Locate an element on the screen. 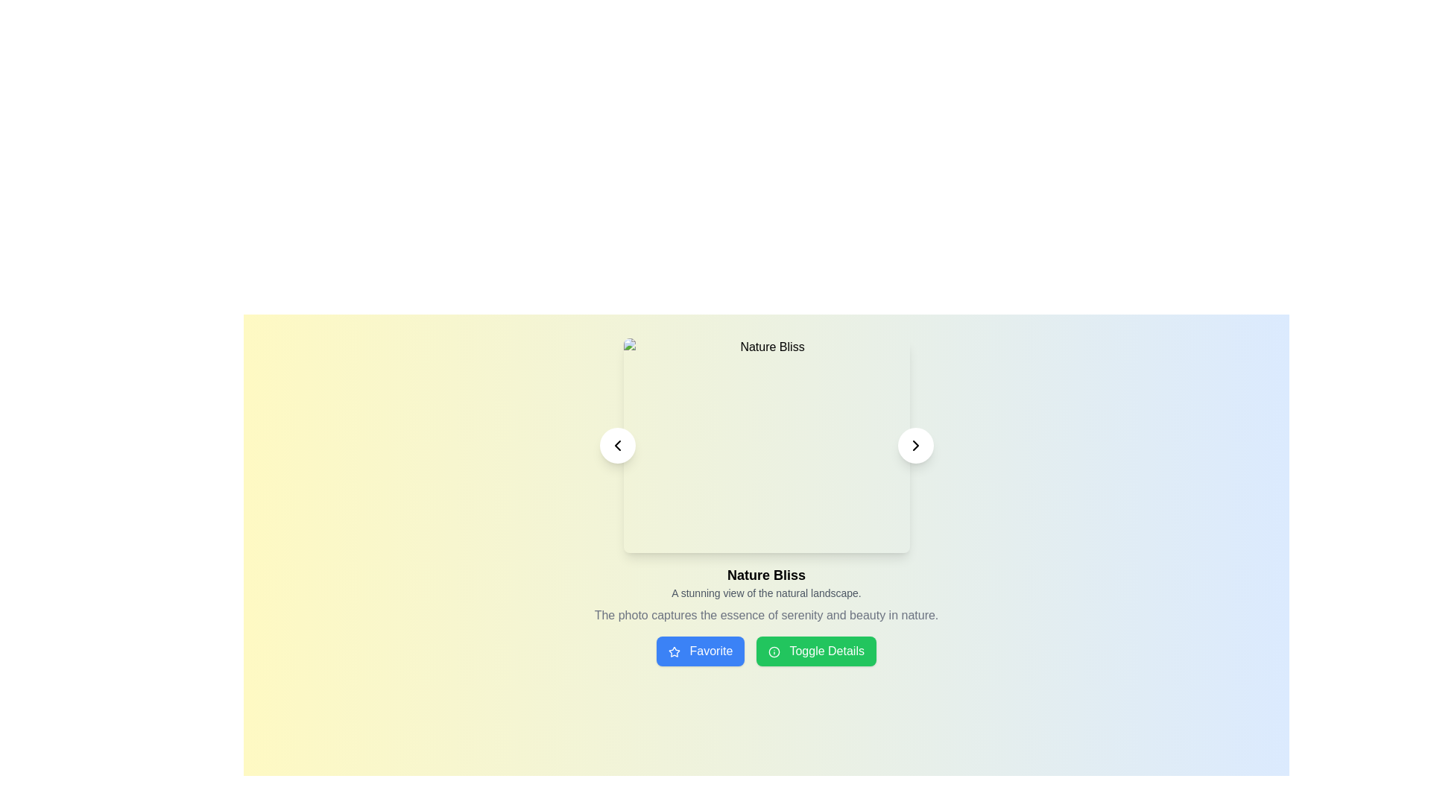 This screenshot has height=805, width=1431. the circular SVG graphical element that is part of the information icon, located near the top-left section of the interface is located at coordinates (774, 651).